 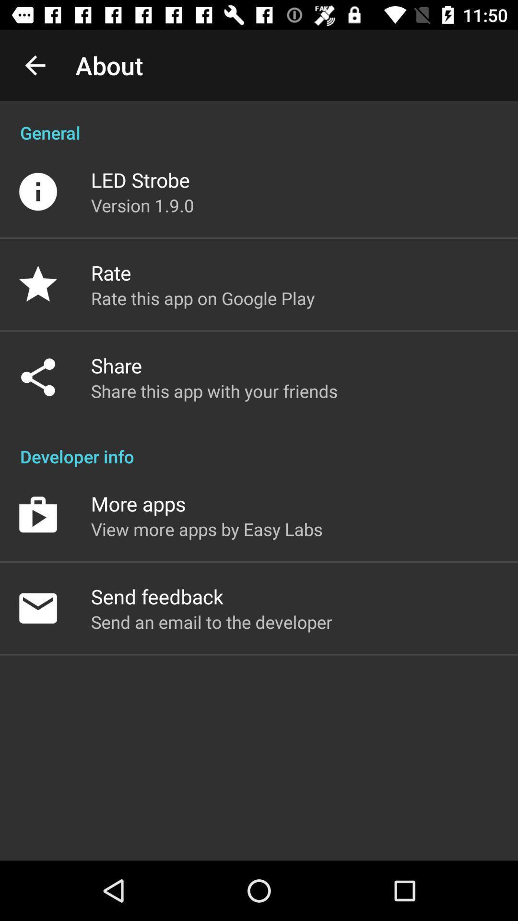 What do you see at coordinates (211, 622) in the screenshot?
I see `the item below the send feedback item` at bounding box center [211, 622].